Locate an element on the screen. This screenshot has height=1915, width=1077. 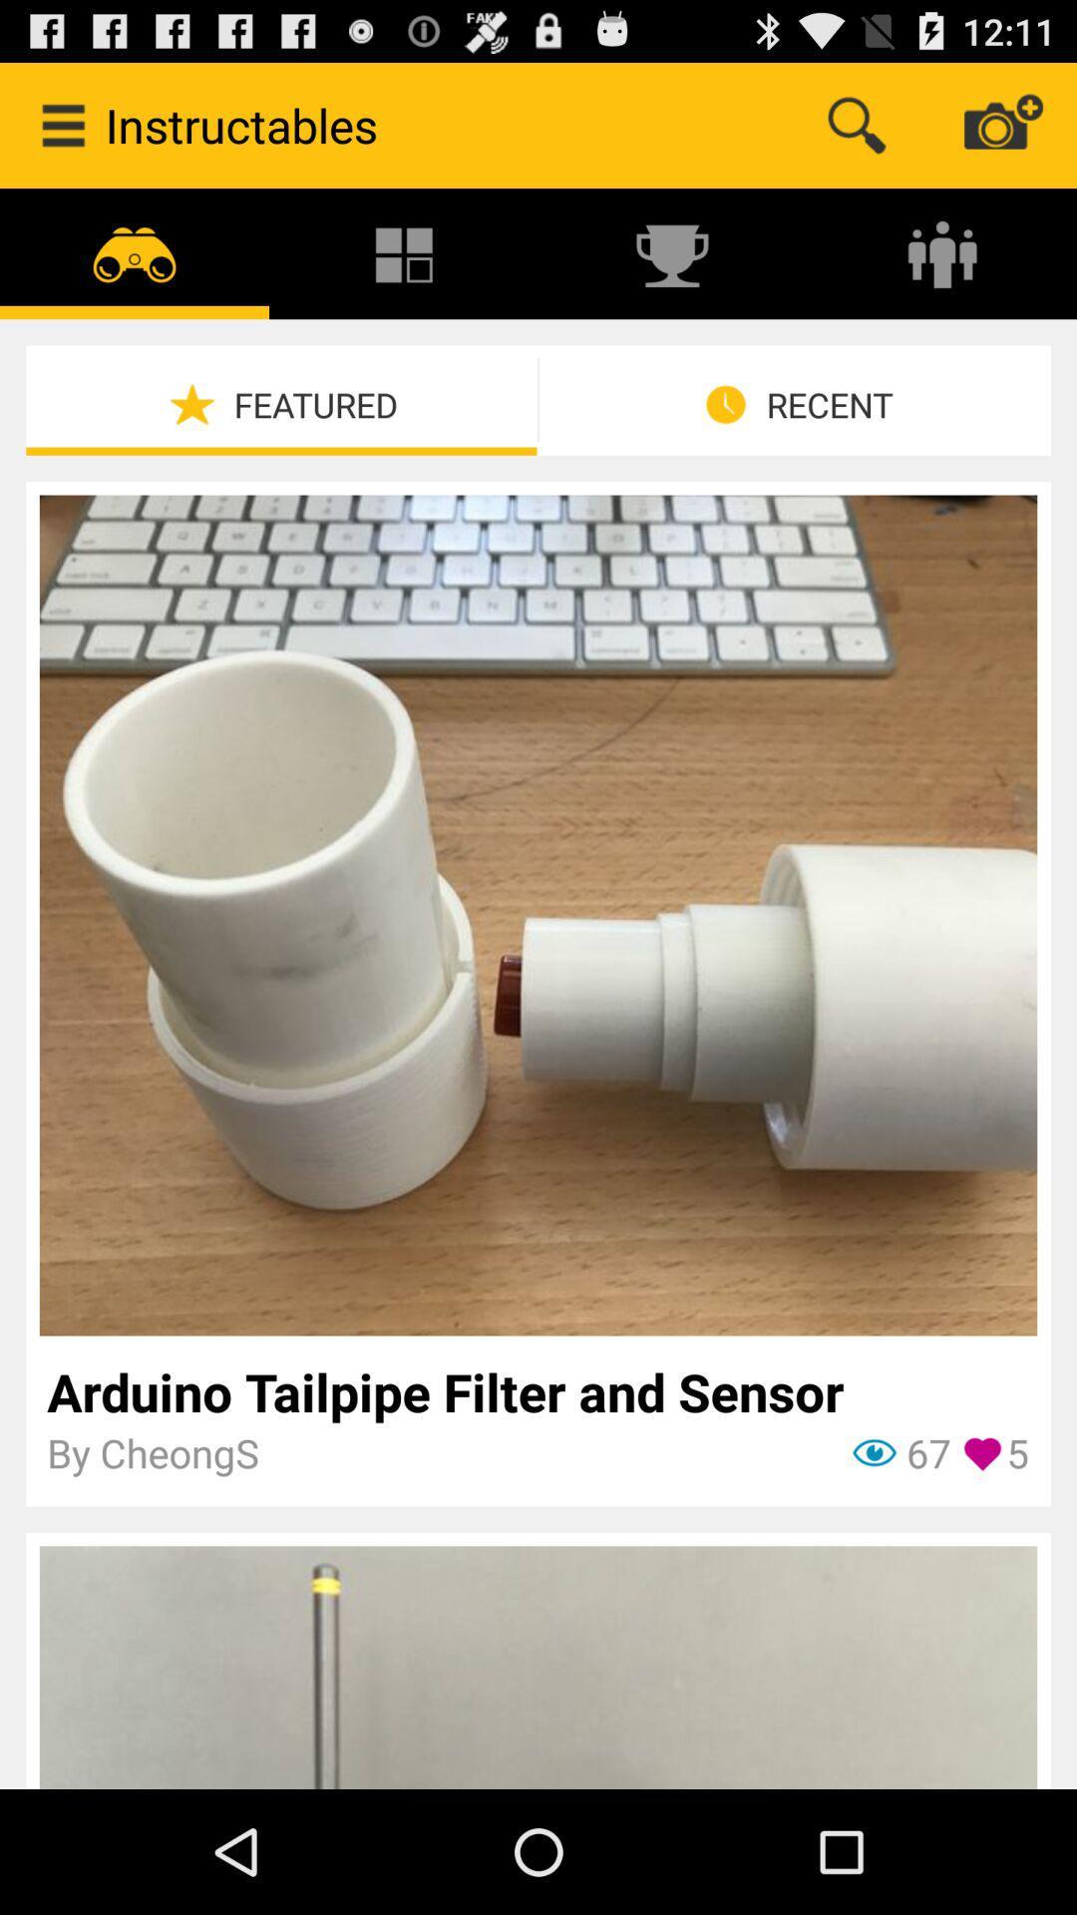
the item above the featured item is located at coordinates (673, 252).